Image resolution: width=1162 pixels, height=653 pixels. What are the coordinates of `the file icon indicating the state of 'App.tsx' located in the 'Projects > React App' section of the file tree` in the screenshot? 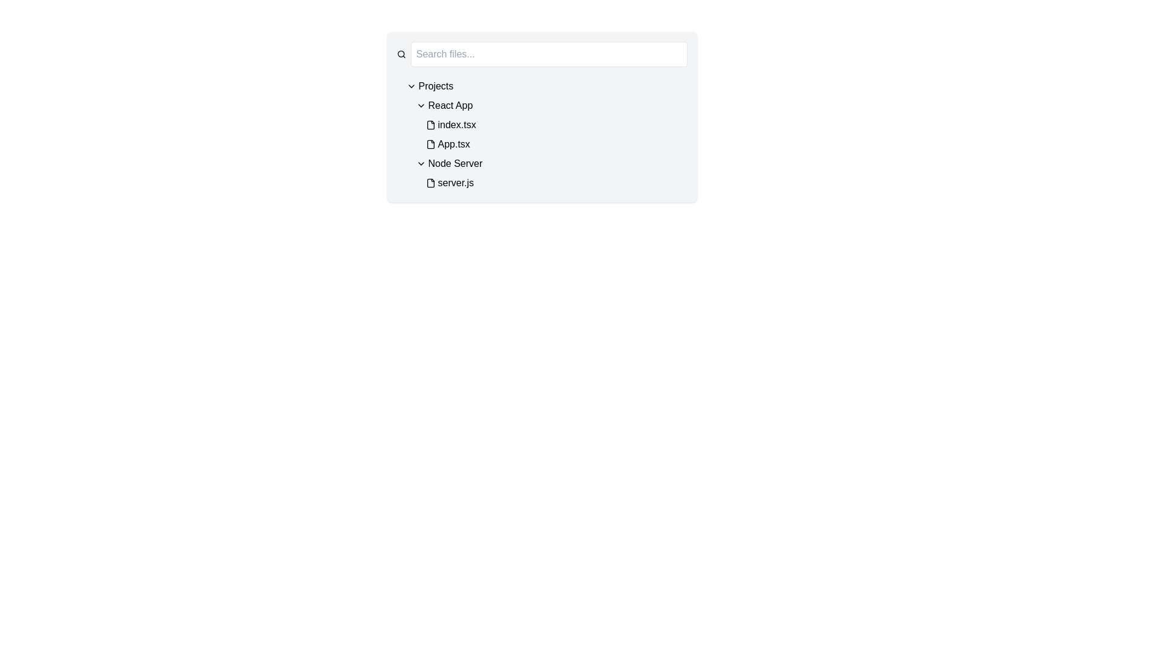 It's located at (430, 144).